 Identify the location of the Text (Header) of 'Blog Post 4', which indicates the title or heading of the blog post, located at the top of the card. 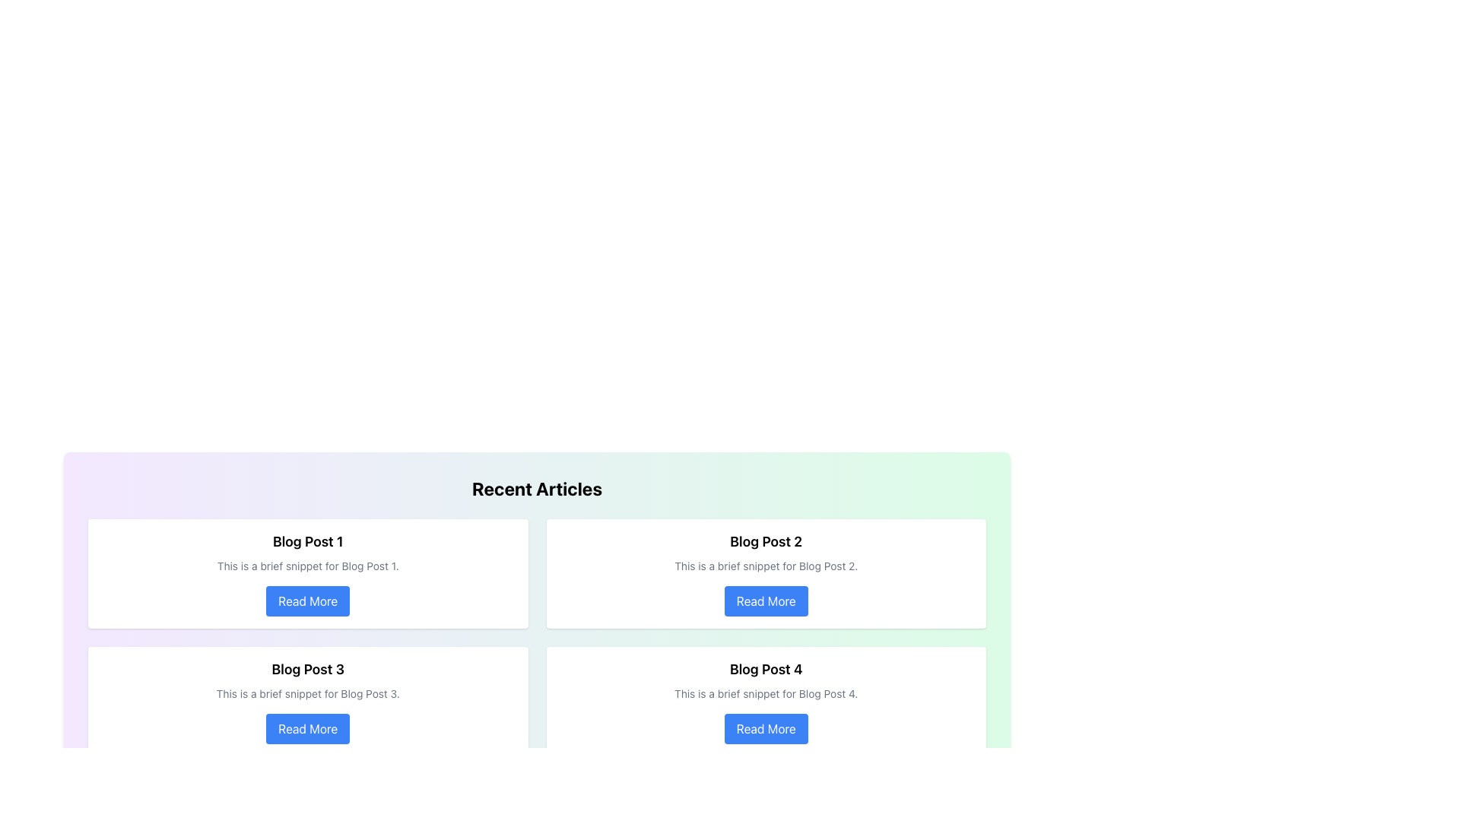
(766, 668).